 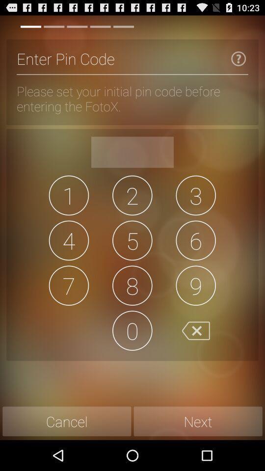 I want to click on the help icon, so click(x=238, y=62).